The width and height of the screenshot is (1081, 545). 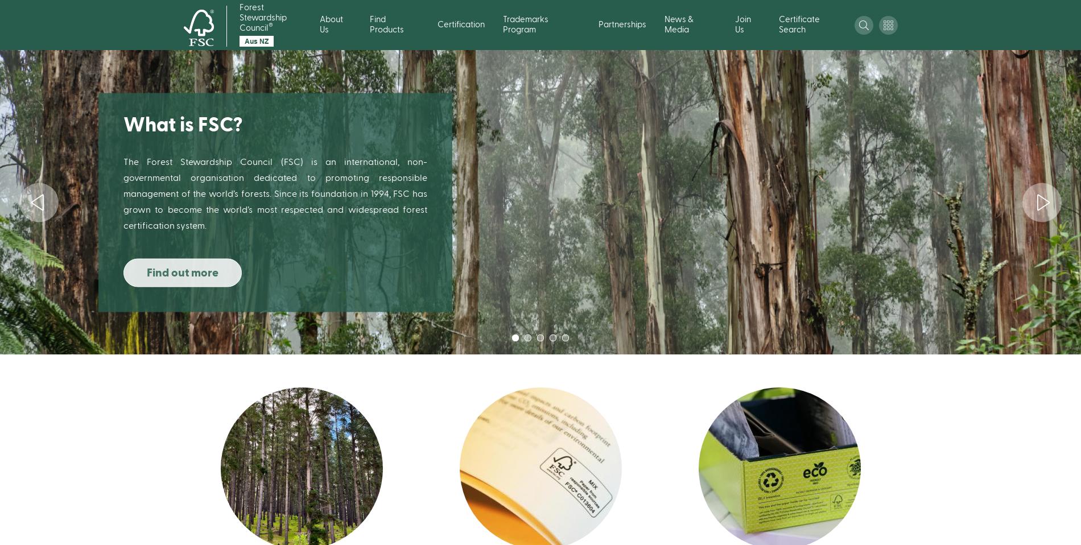 What do you see at coordinates (822, 127) in the screenshot?
I see `'Members' Portal'` at bounding box center [822, 127].